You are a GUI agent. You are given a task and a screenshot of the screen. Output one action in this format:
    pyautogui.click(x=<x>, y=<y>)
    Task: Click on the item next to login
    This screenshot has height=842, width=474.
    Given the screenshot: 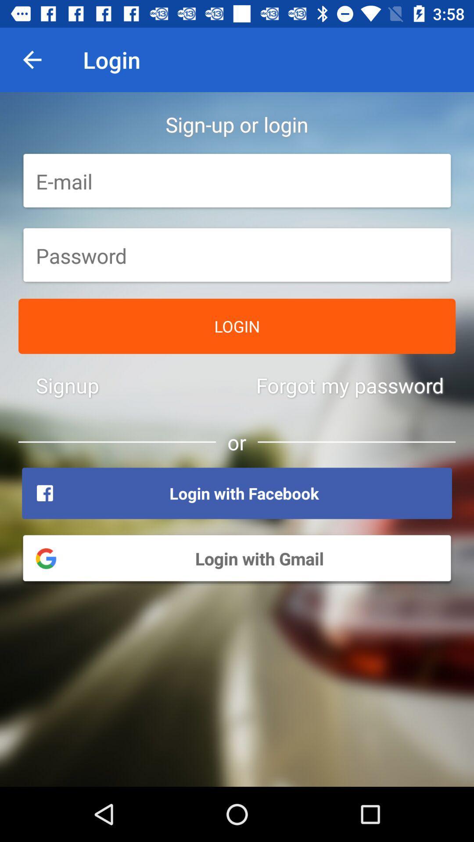 What is the action you would take?
    pyautogui.click(x=32, y=59)
    